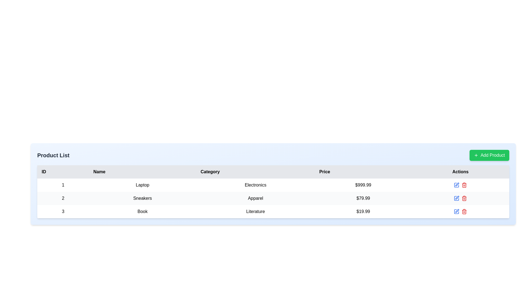 The image size is (530, 298). I want to click on the addition icon located within the green 'Add Product' button in the top-right section of the display, so click(476, 155).